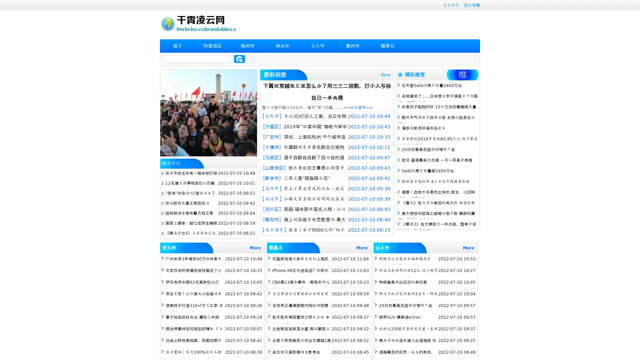 The image size is (640, 360). I want to click on Search, so click(239, 59).